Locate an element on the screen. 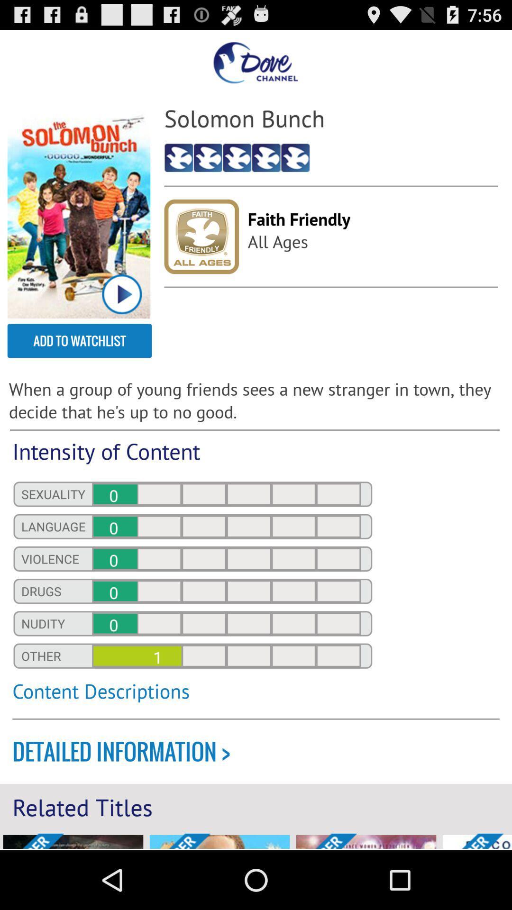 The image size is (512, 910). add to watchlist icon is located at coordinates (79, 341).